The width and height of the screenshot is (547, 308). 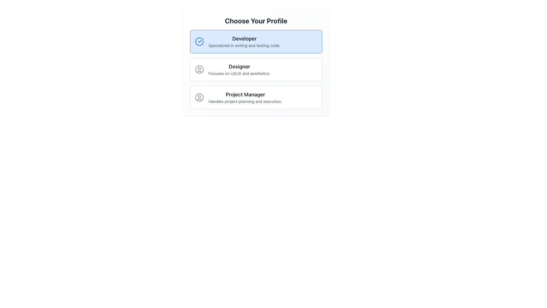 What do you see at coordinates (256, 41) in the screenshot?
I see `the 'Developer' button with a light blue background and checkmark icon` at bounding box center [256, 41].